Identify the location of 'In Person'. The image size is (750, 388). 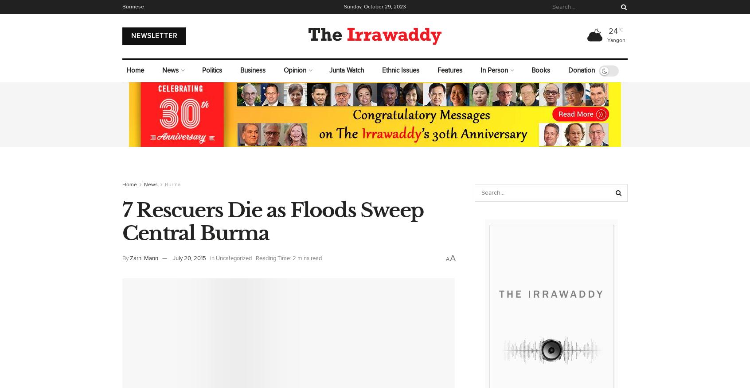
(494, 70).